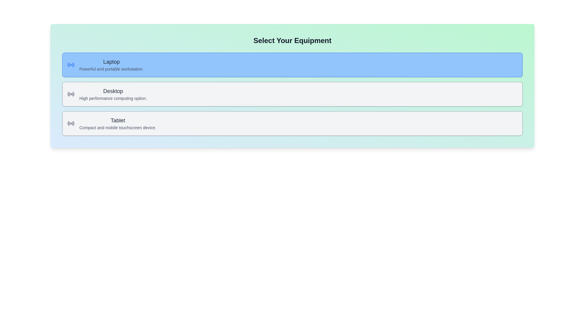 Image resolution: width=575 pixels, height=323 pixels. Describe the element at coordinates (292, 40) in the screenshot. I see `heading text located at the top center of the section, which serves as a title for the options below` at that location.